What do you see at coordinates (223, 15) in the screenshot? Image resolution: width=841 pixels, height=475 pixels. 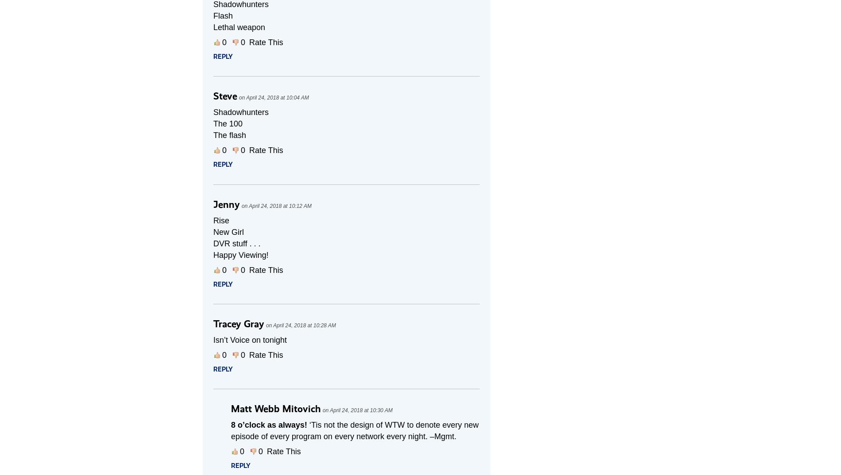 I see `'Flash'` at bounding box center [223, 15].